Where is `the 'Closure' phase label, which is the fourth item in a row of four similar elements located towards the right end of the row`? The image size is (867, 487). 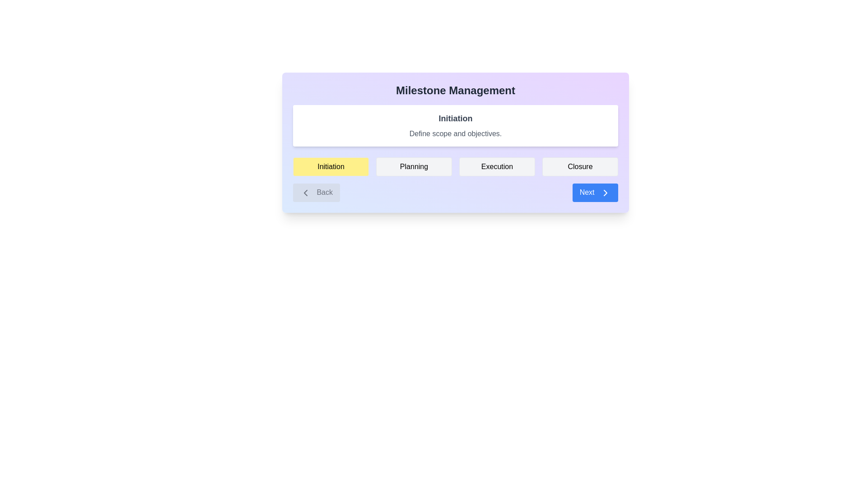
the 'Closure' phase label, which is the fourth item in a row of four similar elements located towards the right end of the row is located at coordinates (580, 167).